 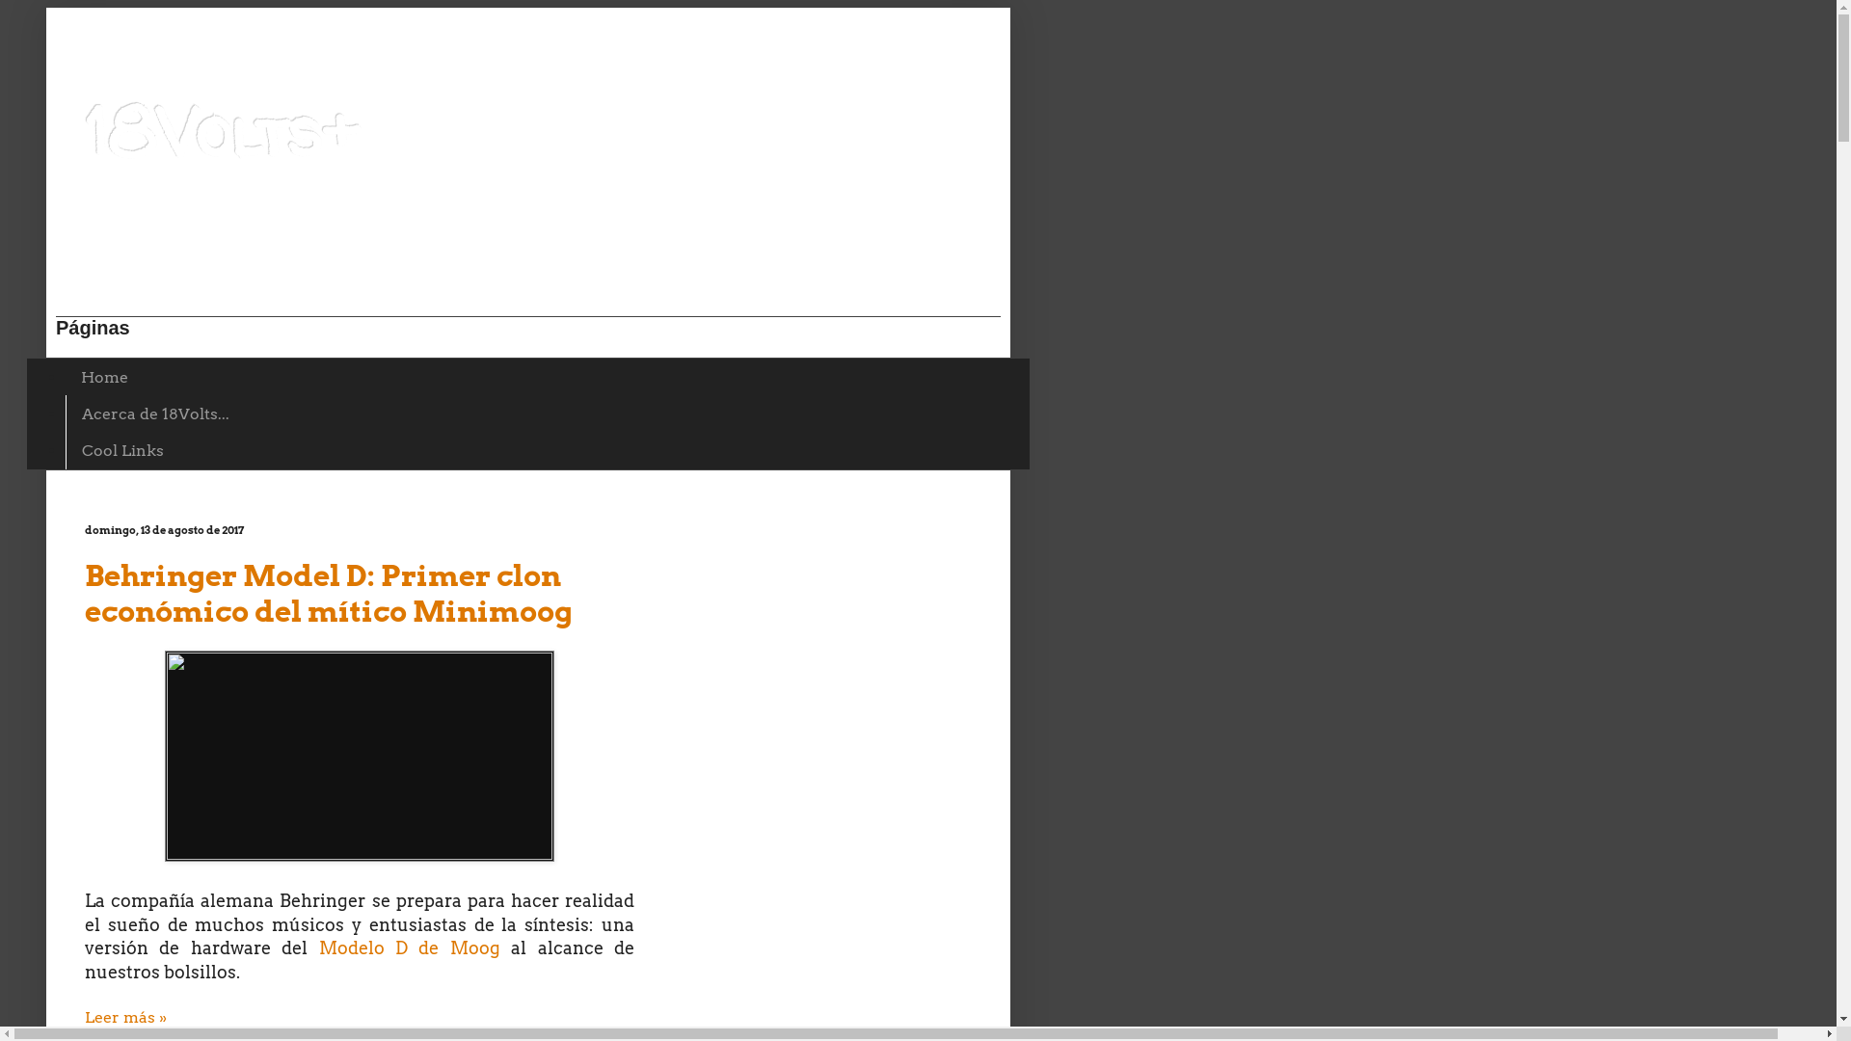 I want to click on '18Volts+', so click(x=222, y=130).